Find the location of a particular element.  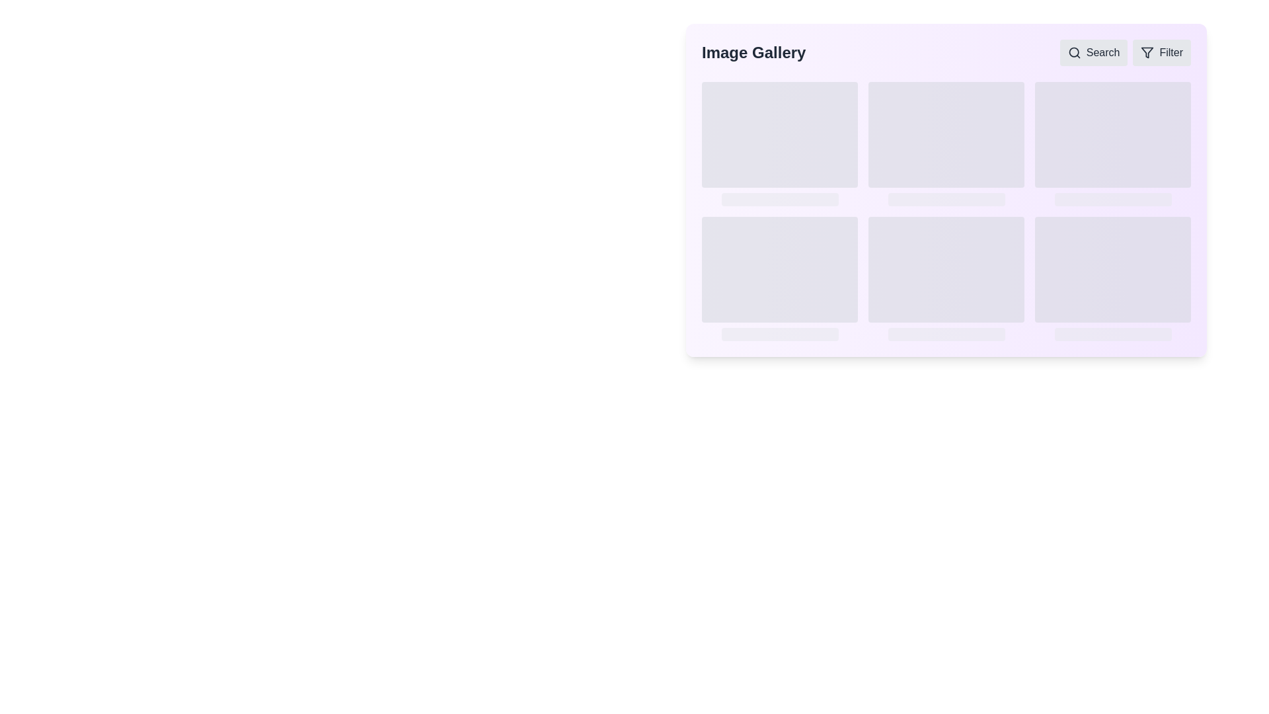

the 'Search' button located in the top-right corner, which is the first button in the control group, to initiate the search is located at coordinates (1094, 52).